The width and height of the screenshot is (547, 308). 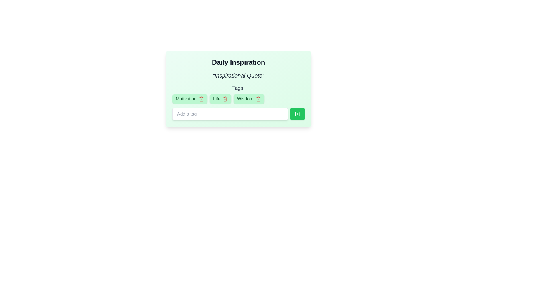 What do you see at coordinates (220, 99) in the screenshot?
I see `the trash icon associated with the 'Life' tag under the 'Tags:' heading in the 'Daily Inspiration' section` at bounding box center [220, 99].